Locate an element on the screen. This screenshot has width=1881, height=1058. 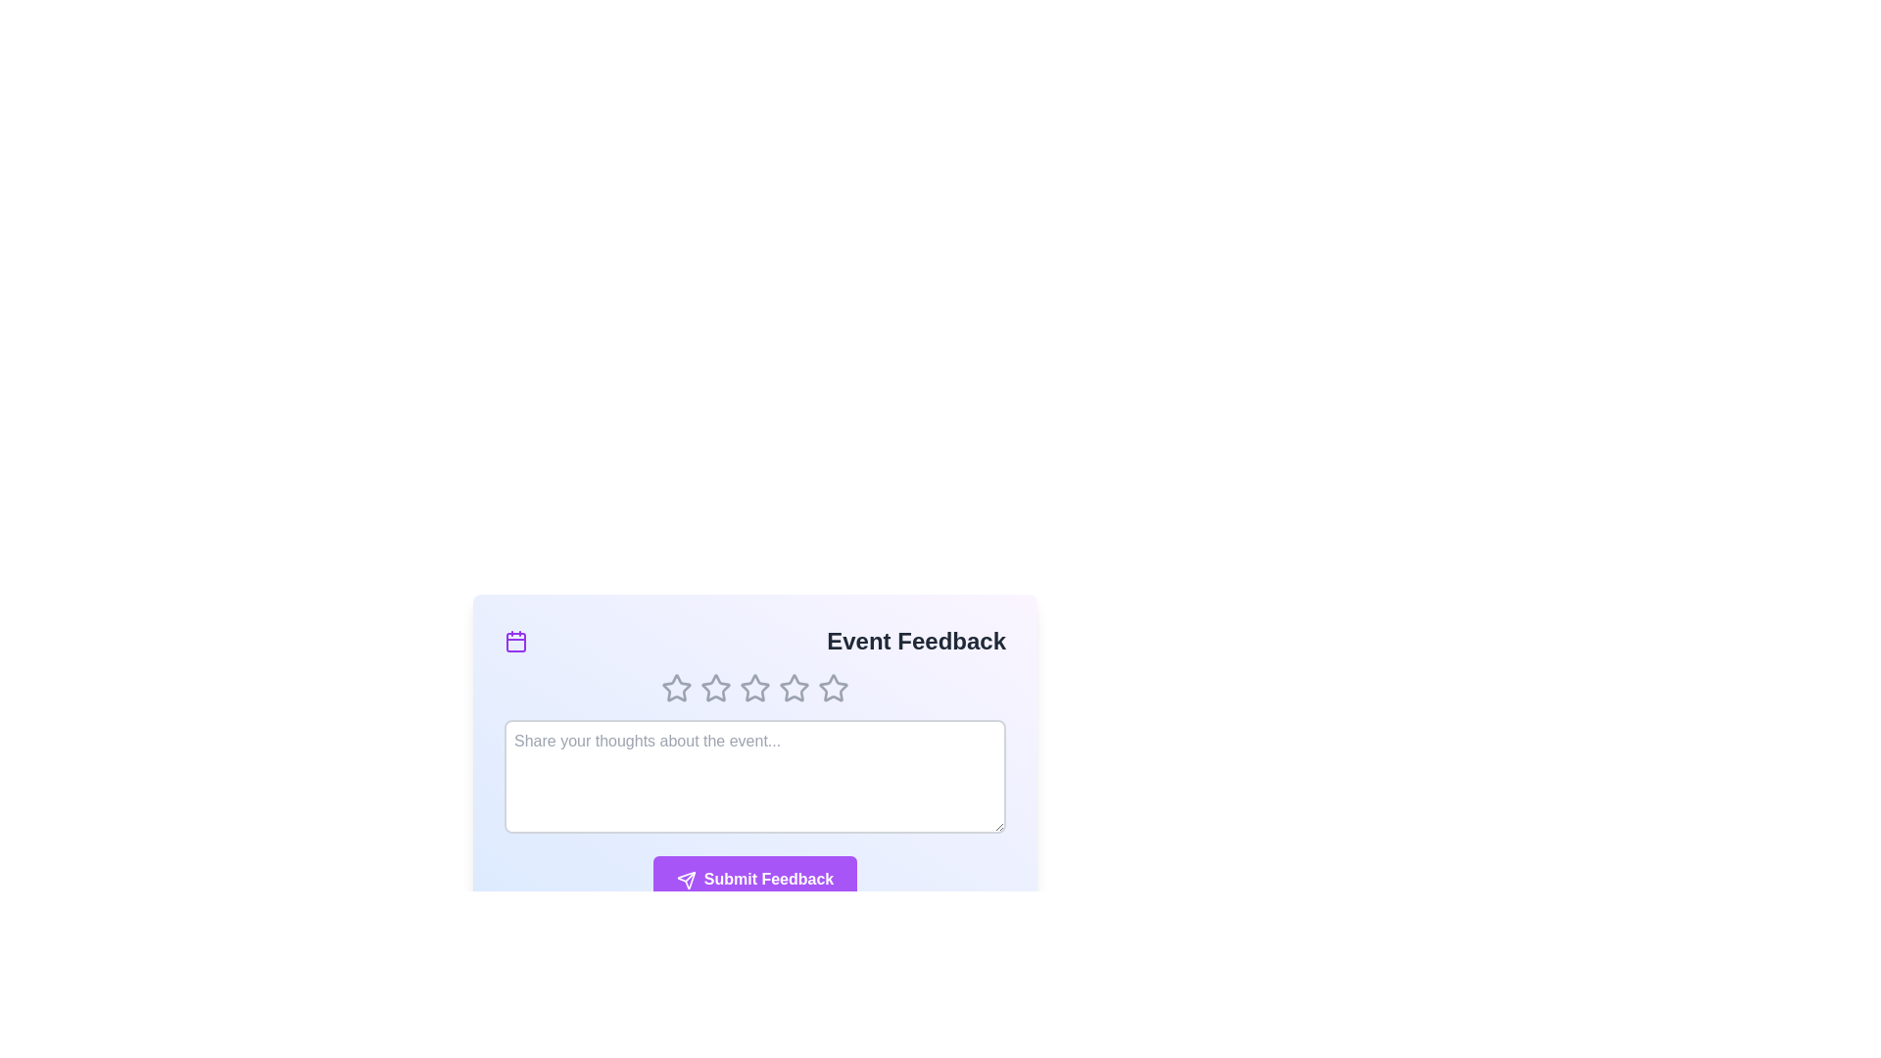
the rectangular text input field with a placeholder that reads 'Share your thoughts about the event...' to start typing is located at coordinates (754, 762).